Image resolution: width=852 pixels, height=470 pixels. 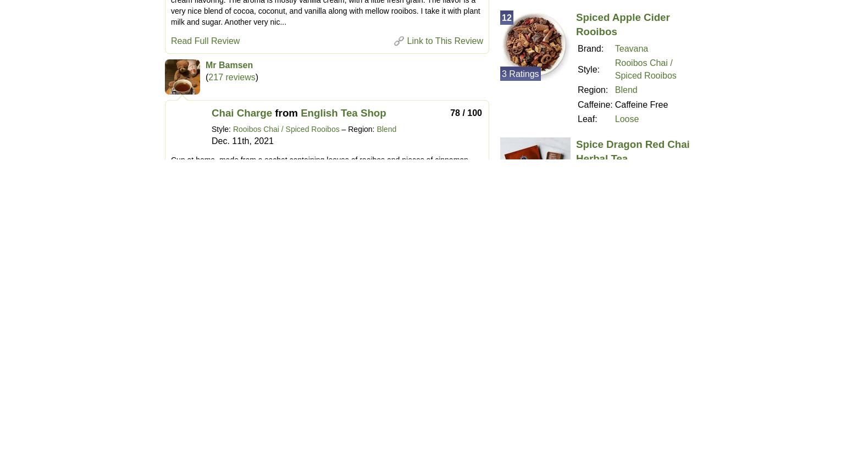 What do you see at coordinates (466, 242) in the screenshot?
I see `'70 / 100'` at bounding box center [466, 242].